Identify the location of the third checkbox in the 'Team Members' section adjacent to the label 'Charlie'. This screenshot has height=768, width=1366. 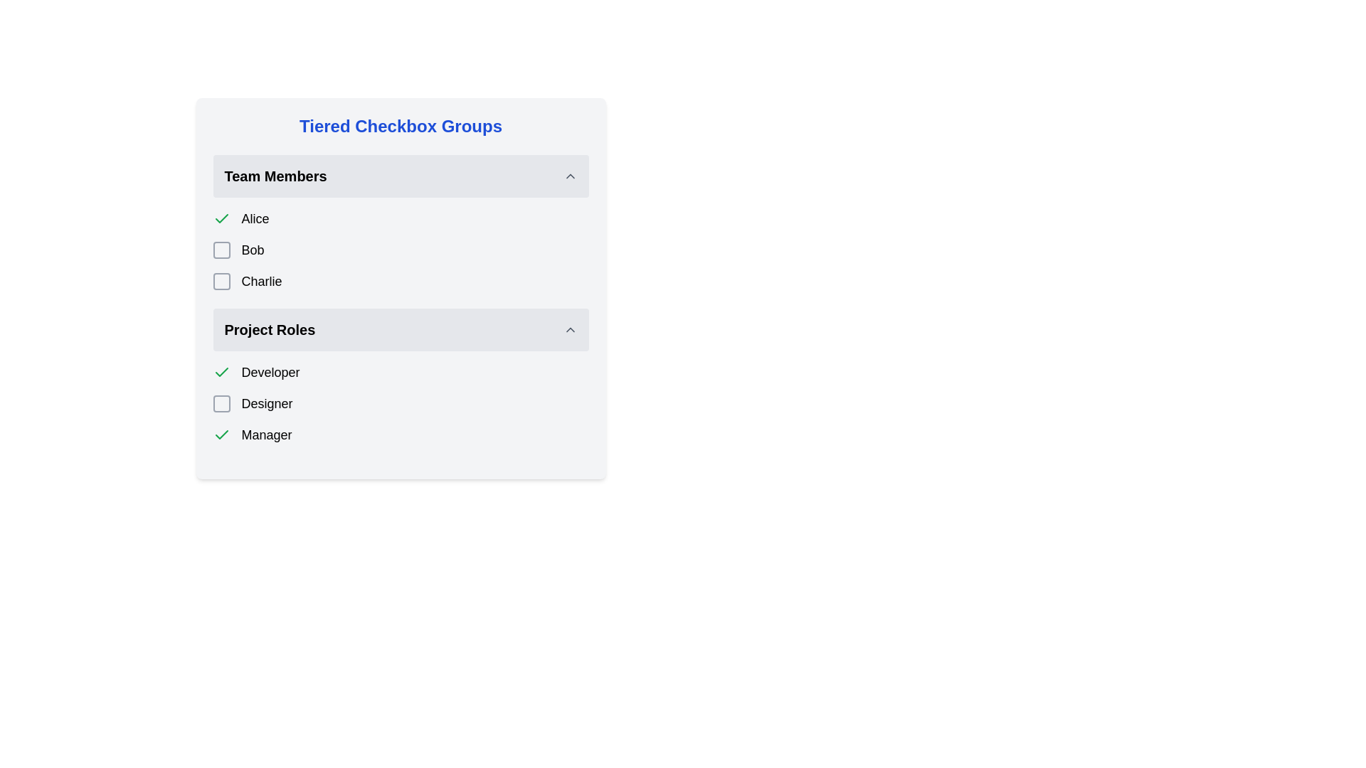
(221, 282).